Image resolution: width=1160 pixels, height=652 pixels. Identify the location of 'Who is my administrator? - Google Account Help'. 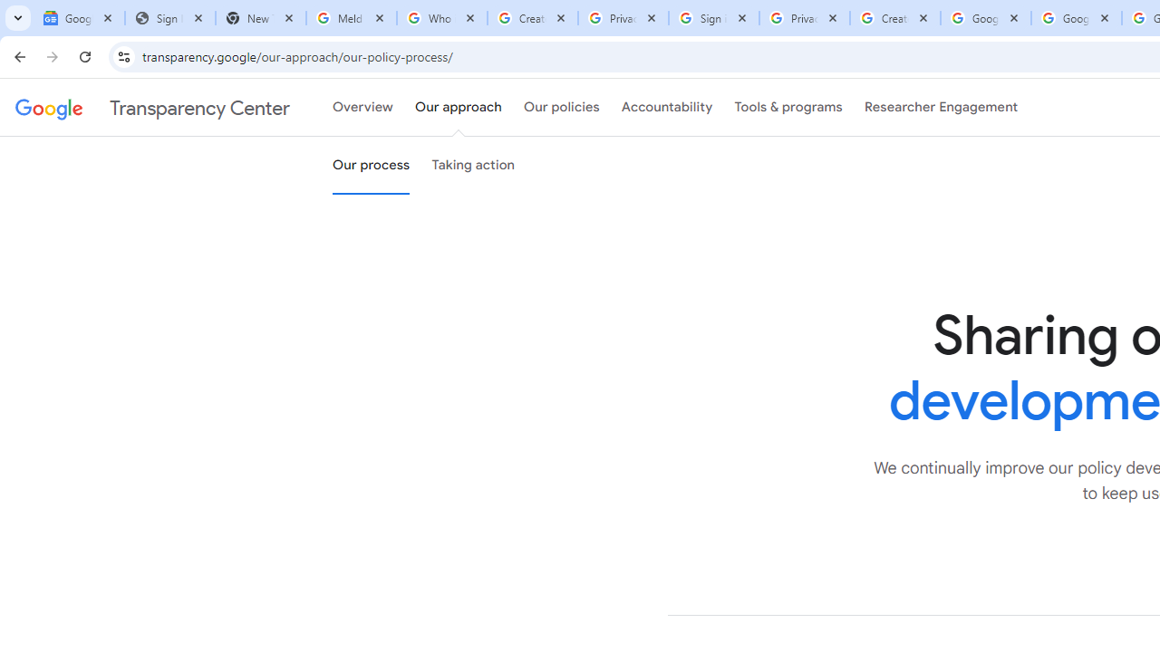
(441, 18).